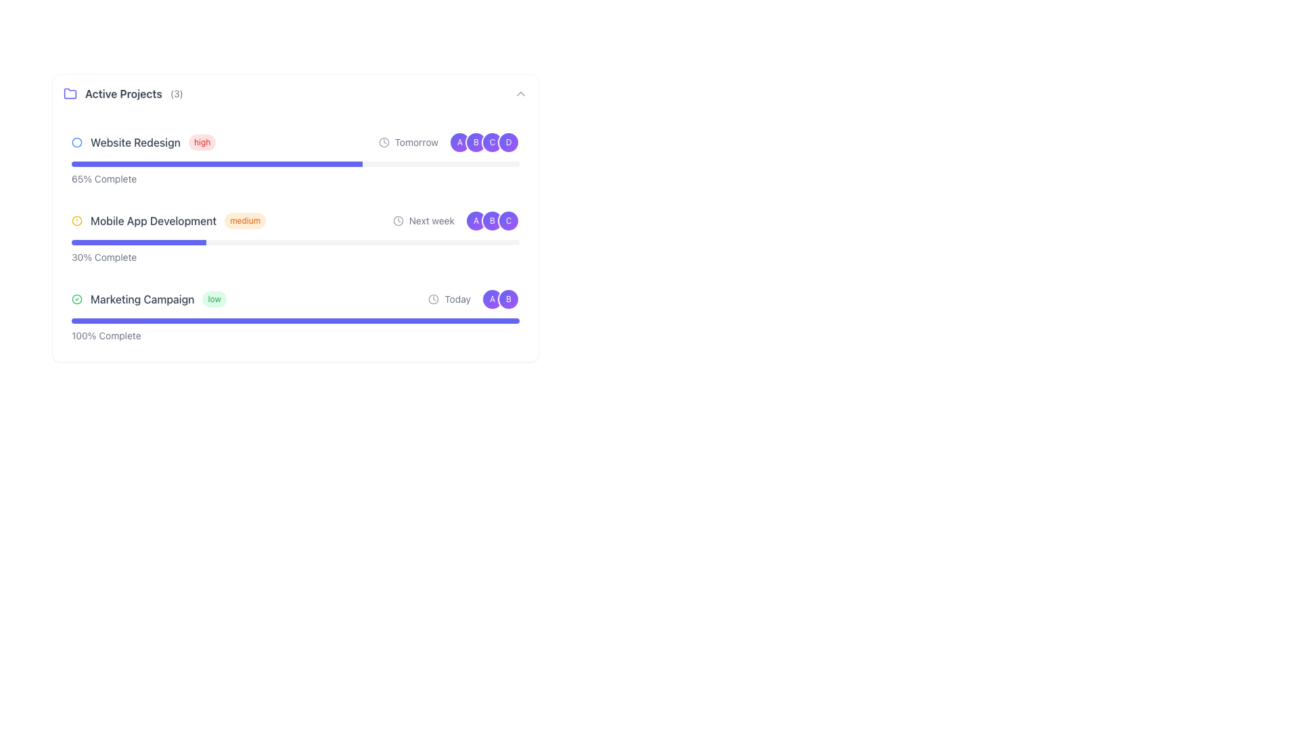 This screenshot has width=1299, height=730. Describe the element at coordinates (139, 241) in the screenshot. I see `the progress represented by the indigo colored segment of the progress bar for the 'Mobile App Development' task, which is situated below the title and tag, indicating it is 30% complete` at that location.